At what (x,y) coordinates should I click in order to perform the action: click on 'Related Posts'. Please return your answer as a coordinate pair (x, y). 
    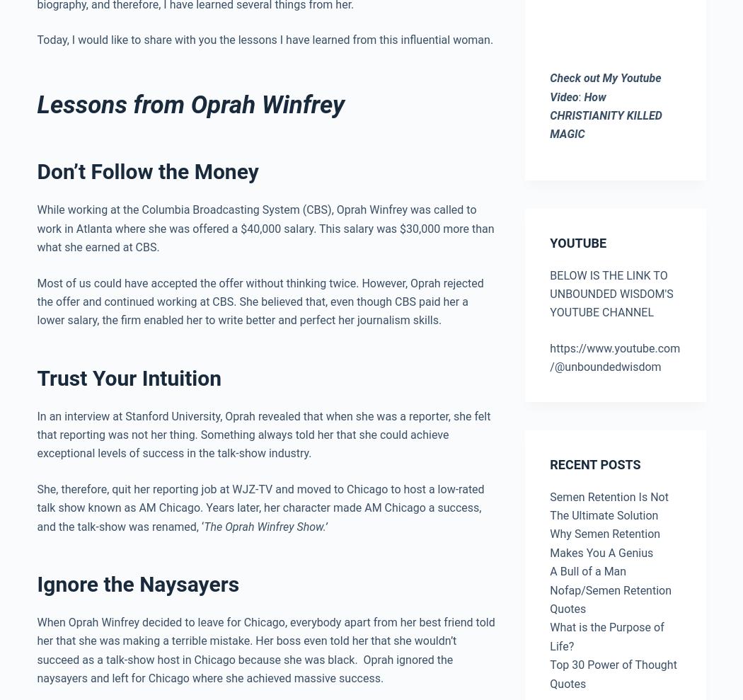
    Looking at the image, I should click on (35, 294).